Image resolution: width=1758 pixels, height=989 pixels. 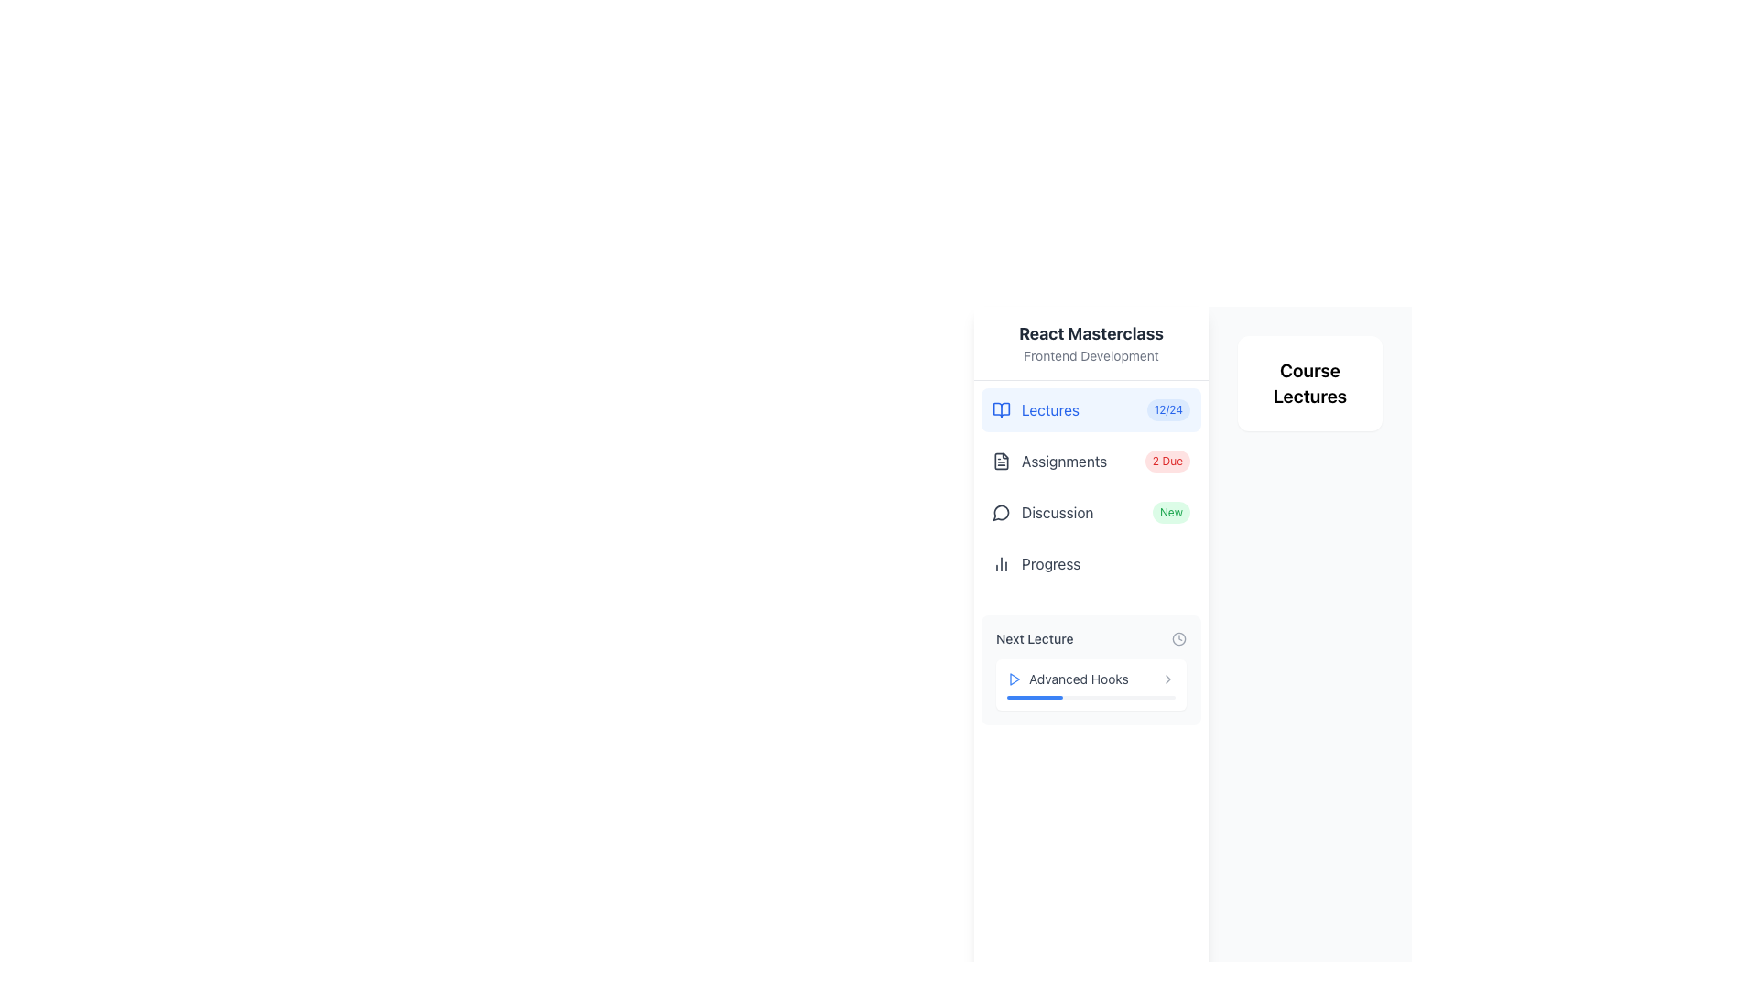 What do you see at coordinates (1091, 512) in the screenshot?
I see `the green badge labeled 'New' on the third list item in the sidebar that includes the text 'Discussion'` at bounding box center [1091, 512].